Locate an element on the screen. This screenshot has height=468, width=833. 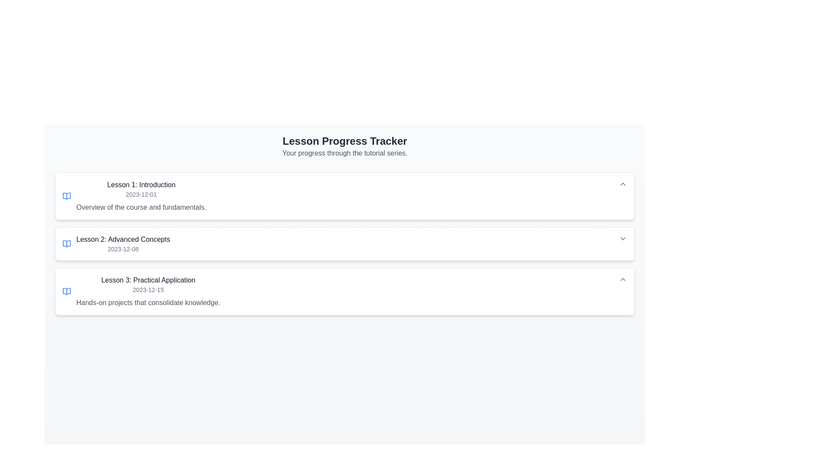
the List Item displaying 'Lesson 2: Advanced Concepts' is located at coordinates (116, 244).